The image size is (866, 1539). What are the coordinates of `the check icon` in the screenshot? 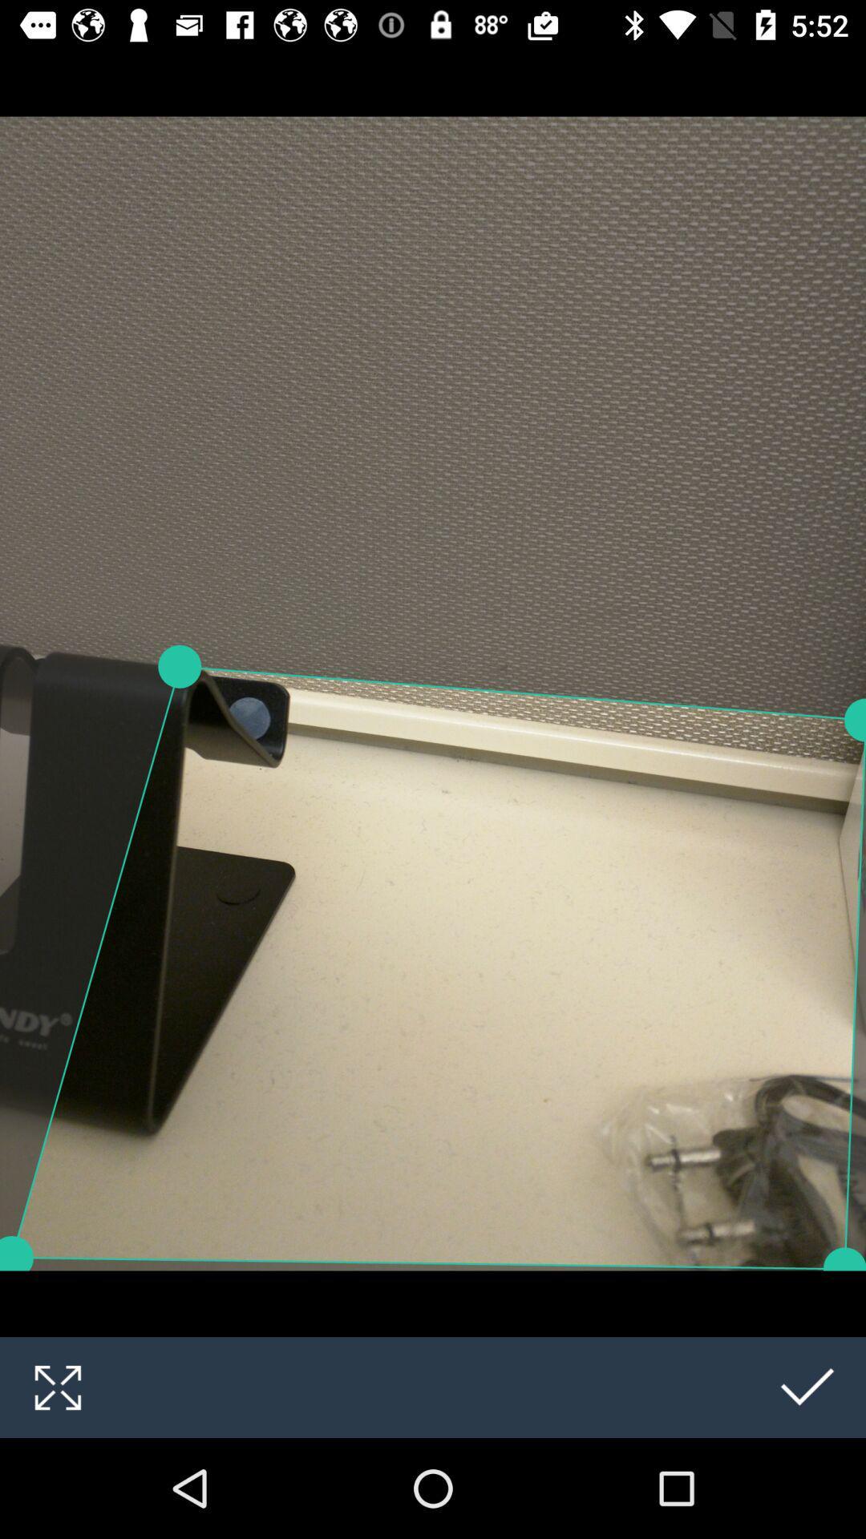 It's located at (807, 1387).